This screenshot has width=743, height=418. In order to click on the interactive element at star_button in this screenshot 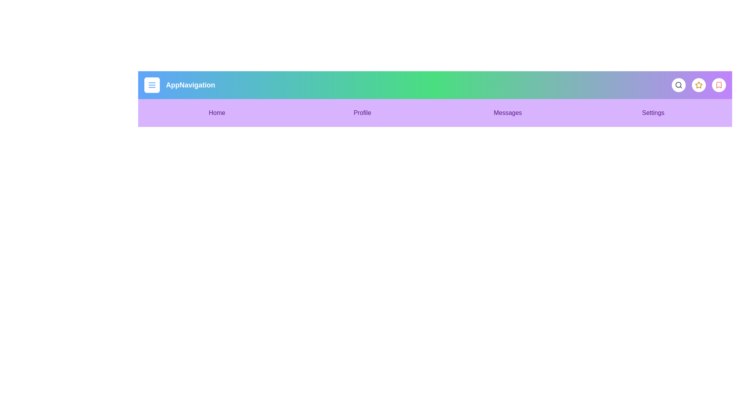, I will do `click(698, 85)`.